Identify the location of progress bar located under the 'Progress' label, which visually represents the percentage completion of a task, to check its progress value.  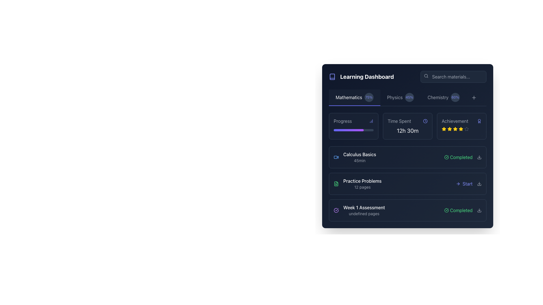
(353, 129).